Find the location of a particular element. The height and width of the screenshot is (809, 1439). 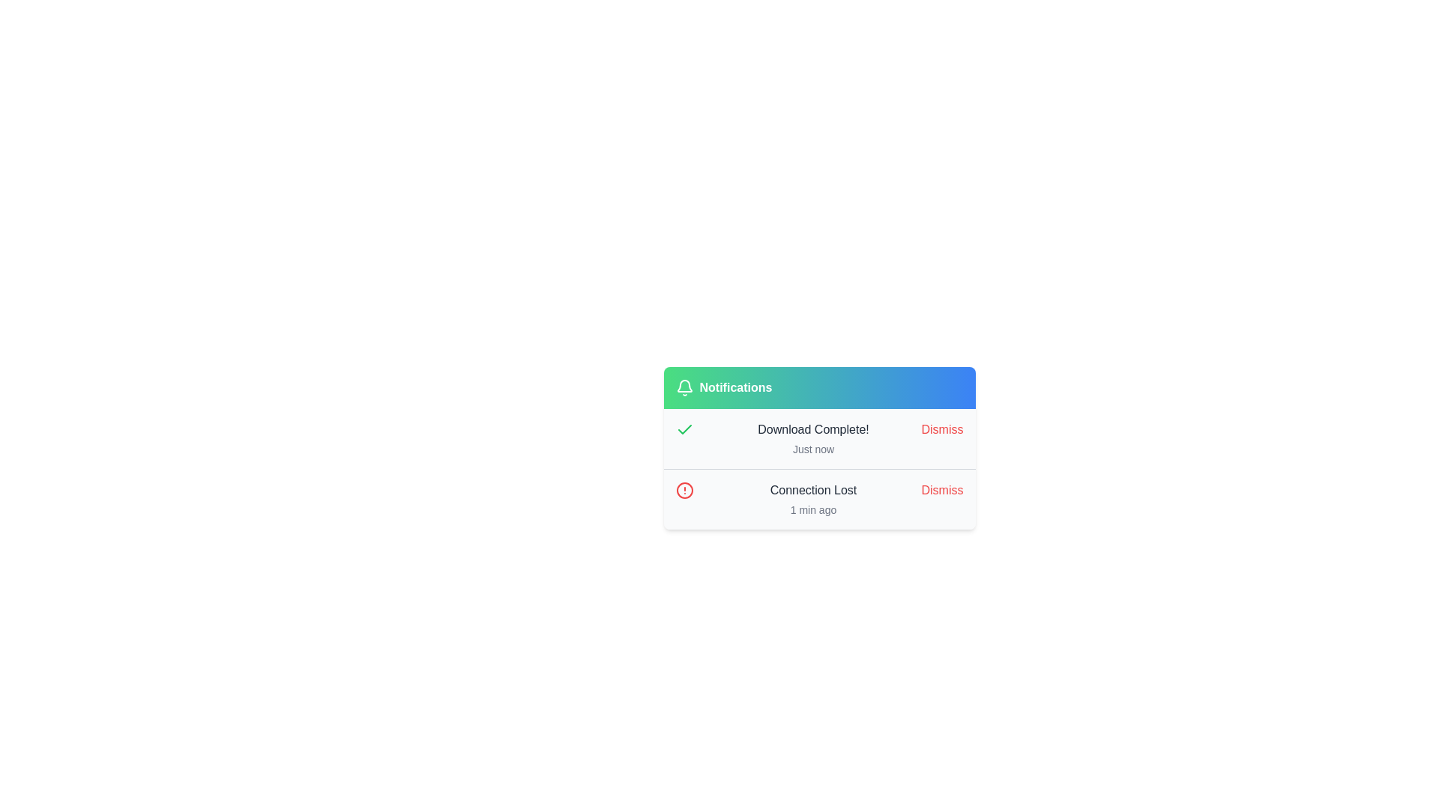

the bell icon in the top green section of the notification panel, which represents notifications and is aligned on the left side of the 'Notifications' label is located at coordinates (684, 385).